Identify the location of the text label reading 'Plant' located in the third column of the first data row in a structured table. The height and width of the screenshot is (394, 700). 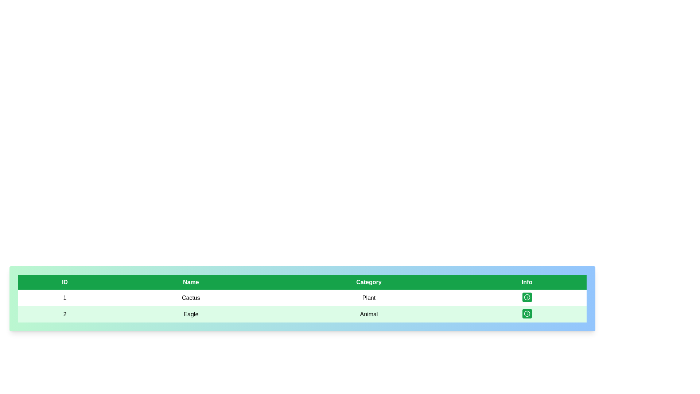
(369, 298).